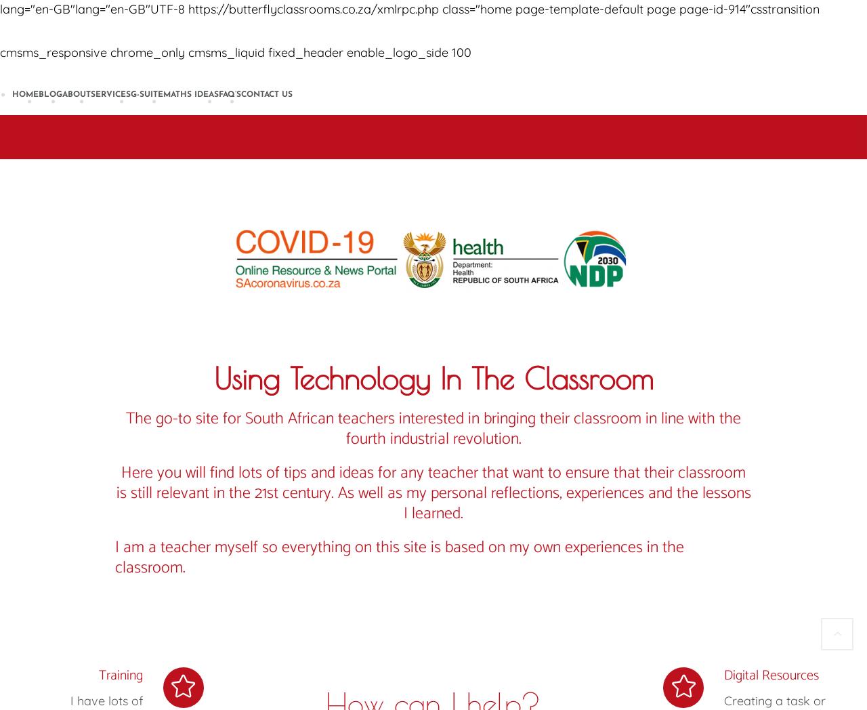 The image size is (867, 710). What do you see at coordinates (125, 428) in the screenshot?
I see `'The go-to site for South African teachers interested in bringing their classroom in line with the fourth industrial revolution.'` at bounding box center [125, 428].